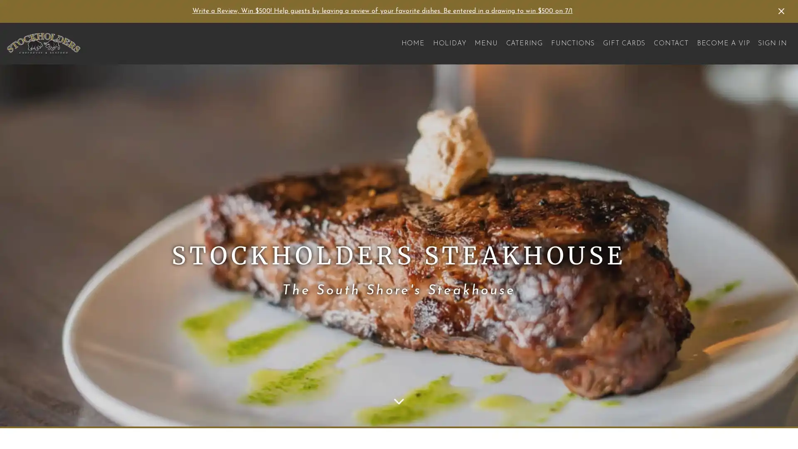 The height and width of the screenshot is (449, 798). I want to click on Dismiss Announcement, so click(781, 11).